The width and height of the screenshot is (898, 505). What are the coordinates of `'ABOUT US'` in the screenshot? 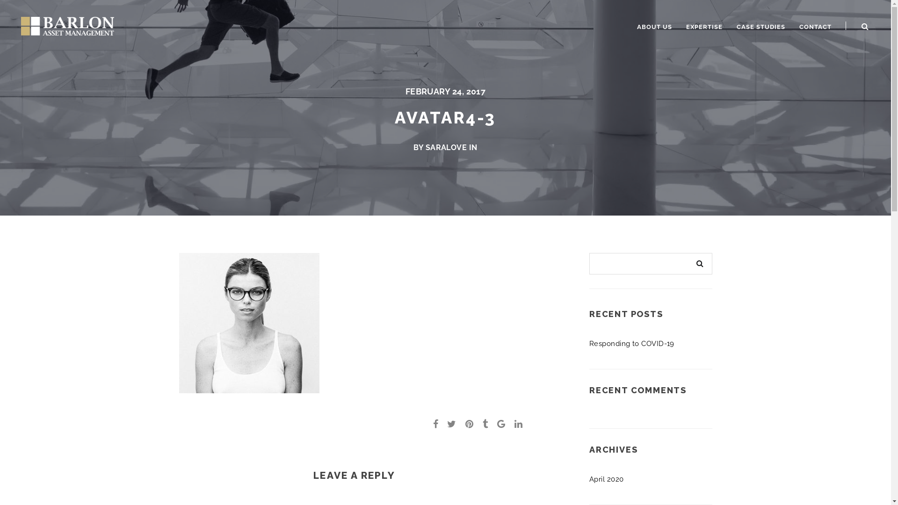 It's located at (654, 26).